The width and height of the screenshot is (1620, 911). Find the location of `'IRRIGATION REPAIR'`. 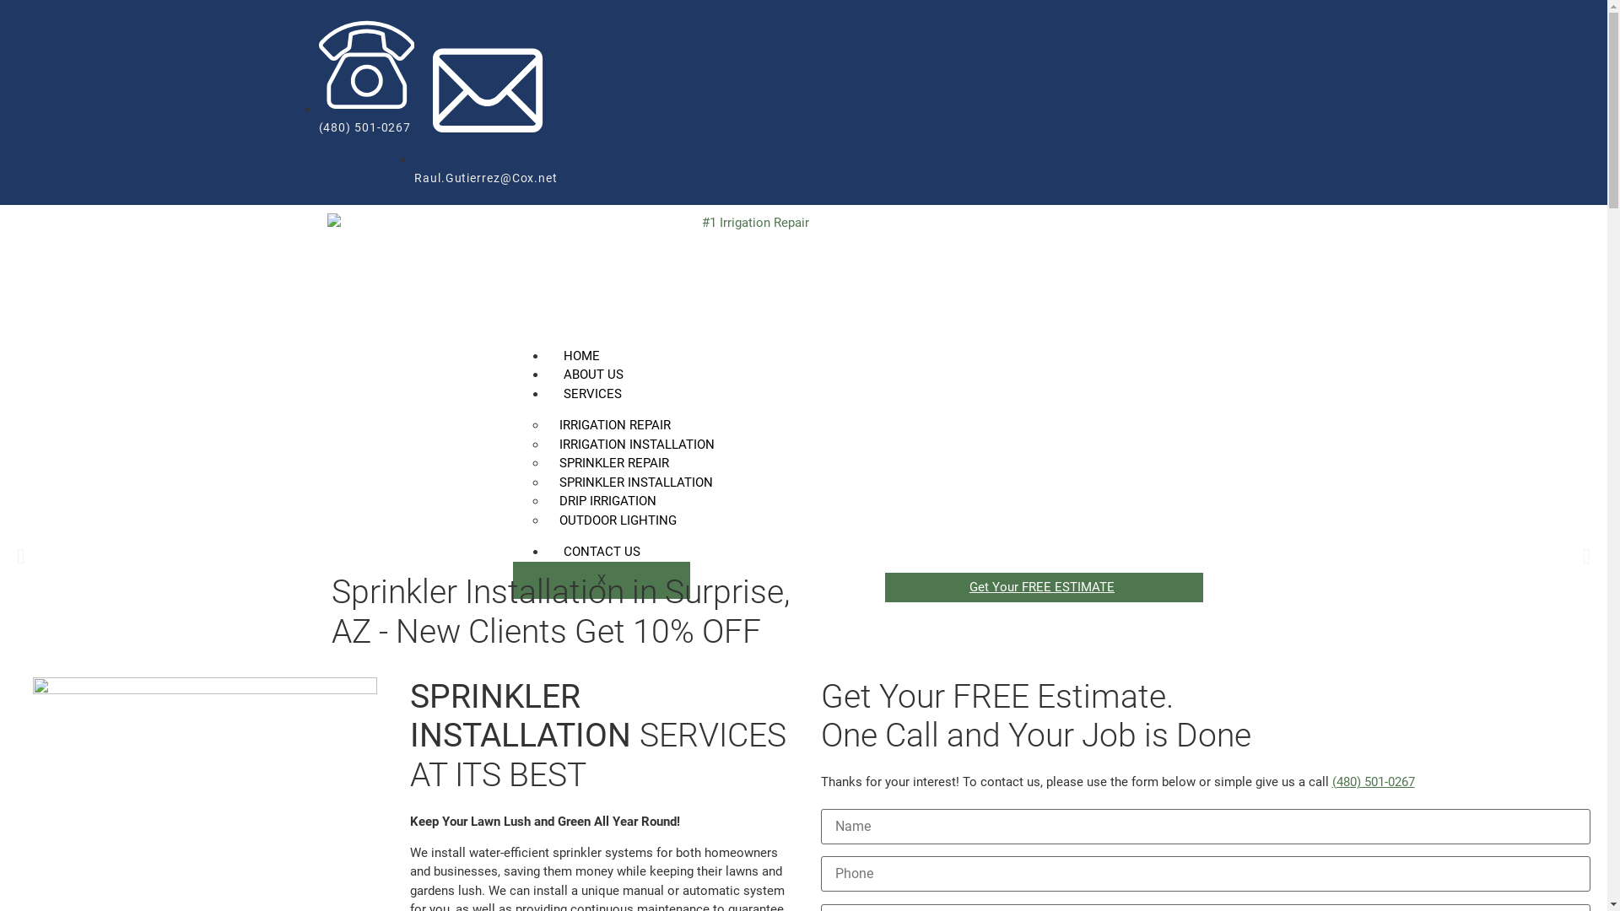

'IRRIGATION REPAIR' is located at coordinates (614, 424).